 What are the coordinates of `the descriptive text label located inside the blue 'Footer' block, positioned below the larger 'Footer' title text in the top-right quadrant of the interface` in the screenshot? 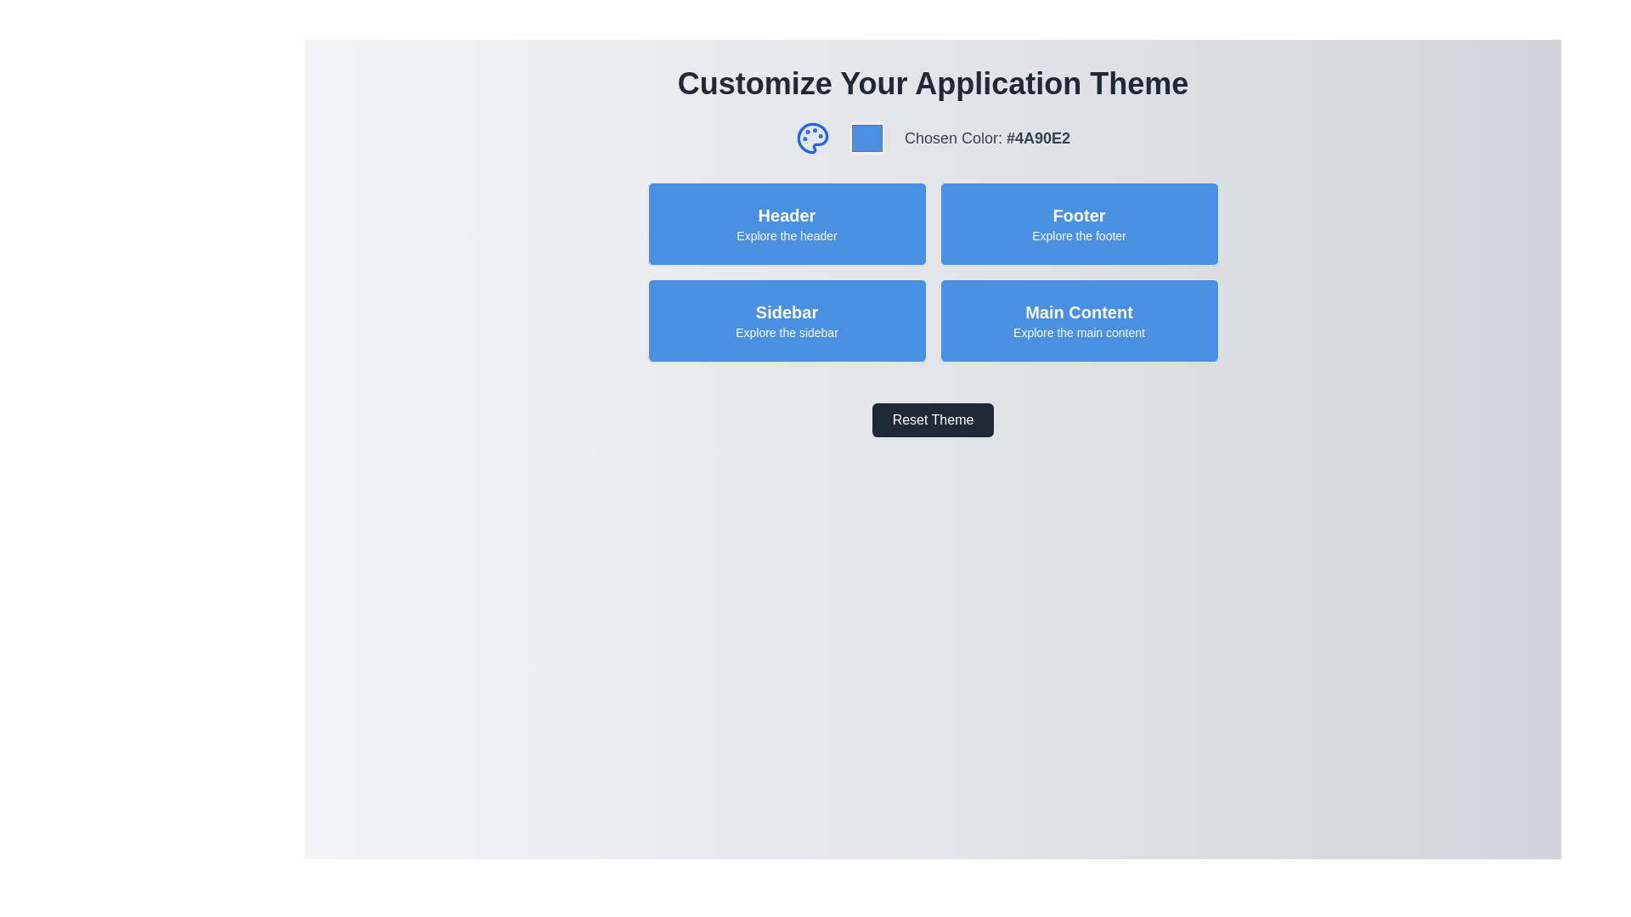 It's located at (1078, 235).